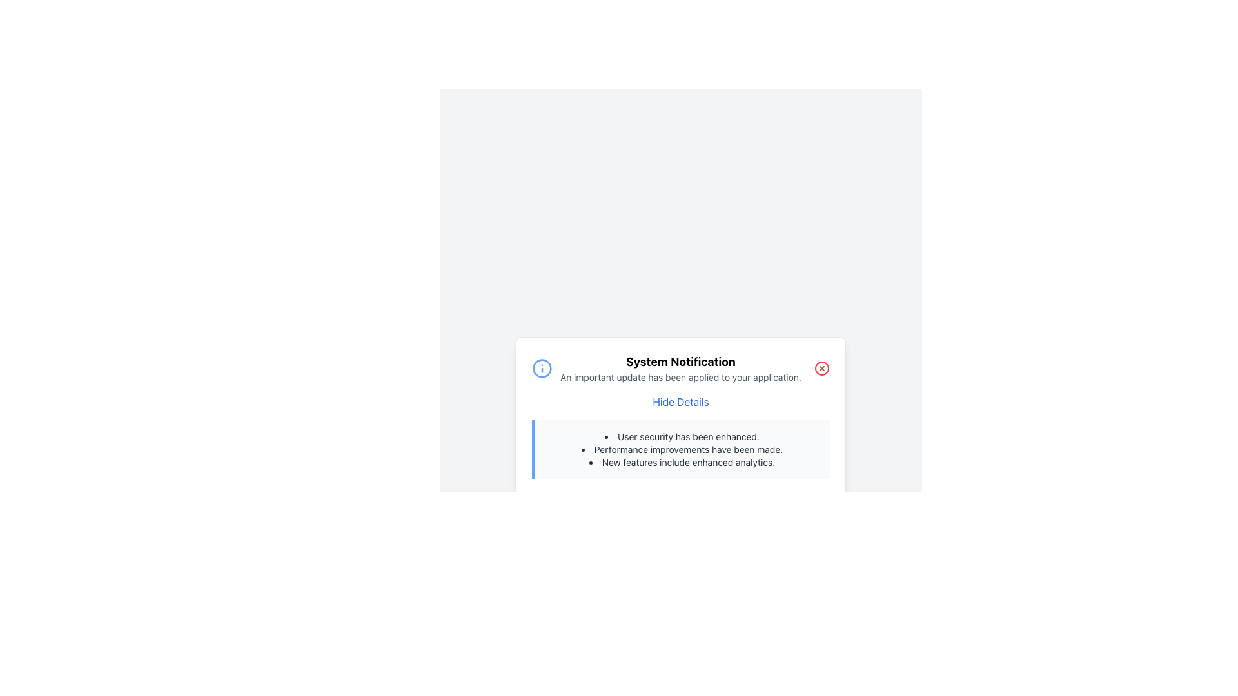 The image size is (1238, 696). What do you see at coordinates (681, 461) in the screenshot?
I see `the informational text about features or updates, which is the third item in a vertically aligned bullet-point list in the middle section of the notification box` at bounding box center [681, 461].